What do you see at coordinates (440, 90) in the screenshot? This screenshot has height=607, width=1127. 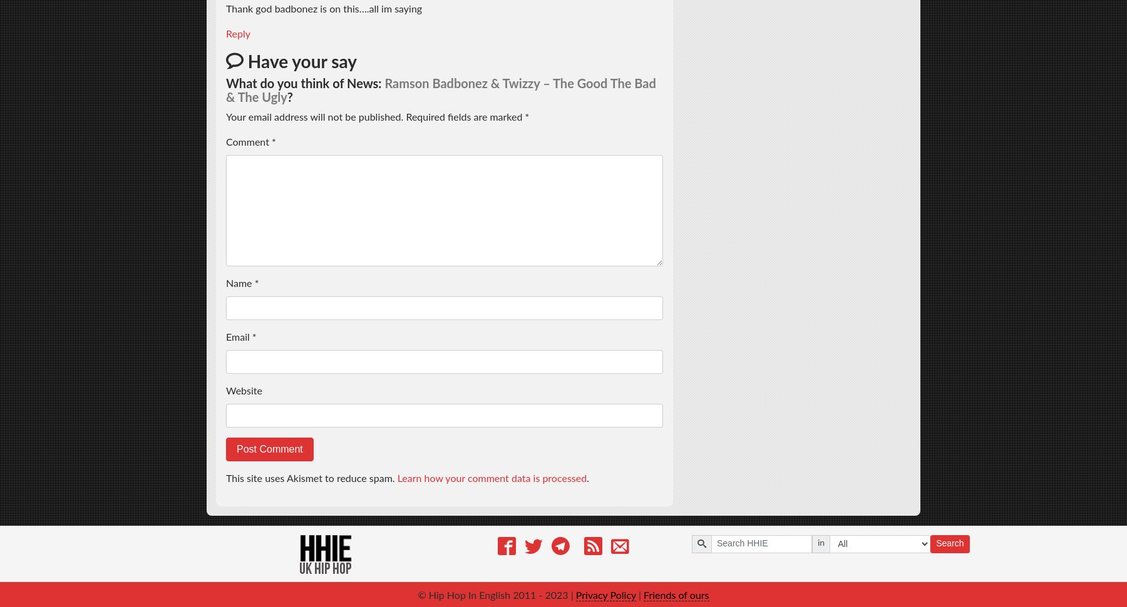 I see `'Ramson Badbonez & Twizzy – The Good The Bad & The Ugly'` at bounding box center [440, 90].